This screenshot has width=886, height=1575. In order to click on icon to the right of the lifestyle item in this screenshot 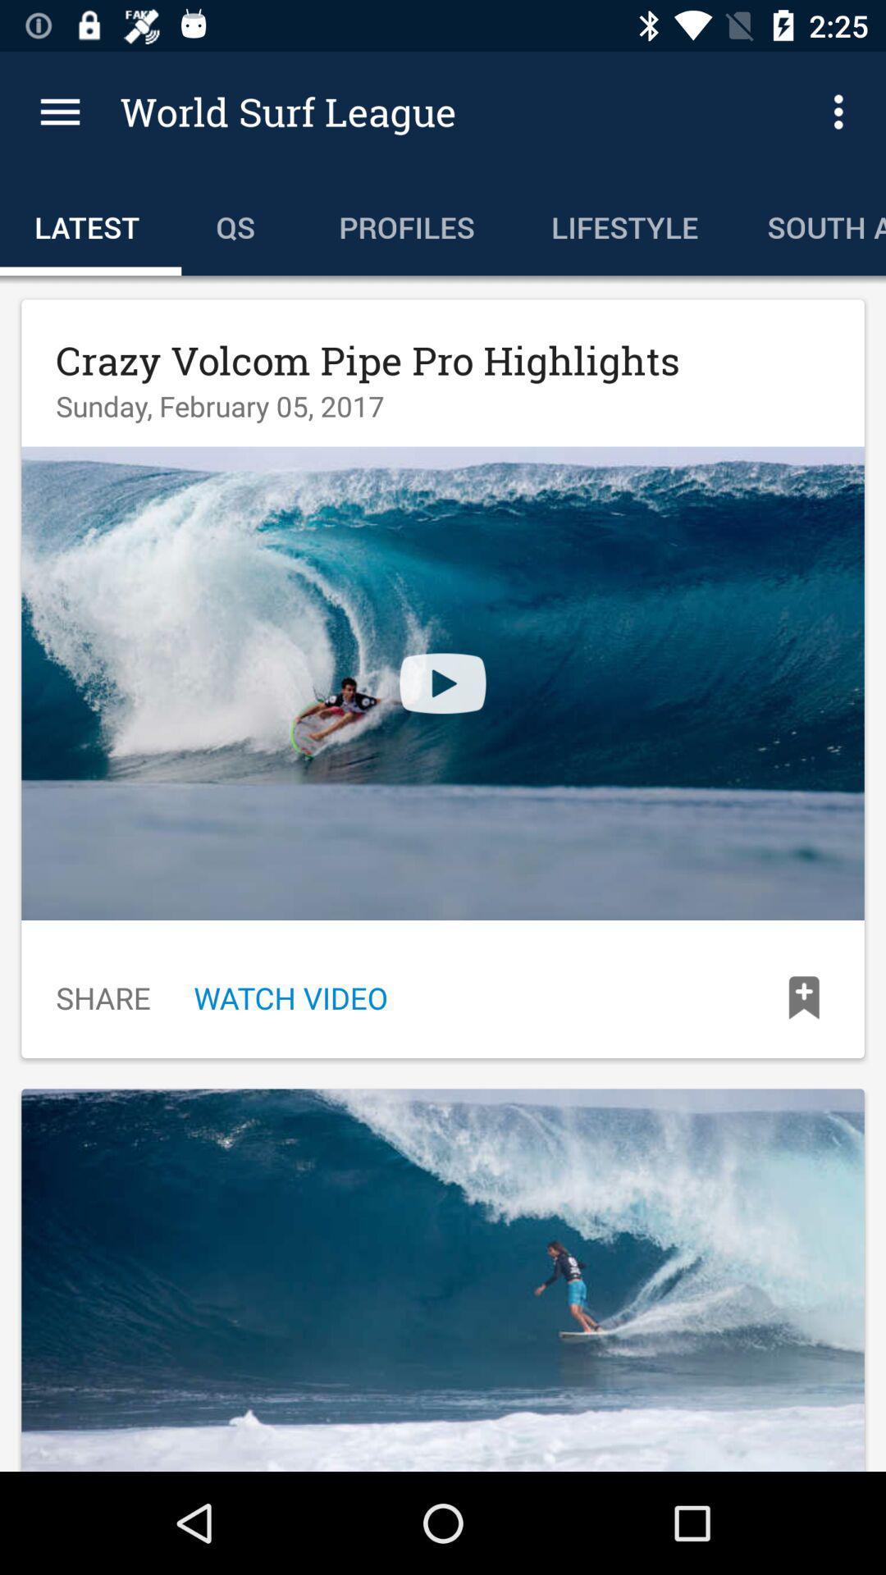, I will do `click(843, 111)`.